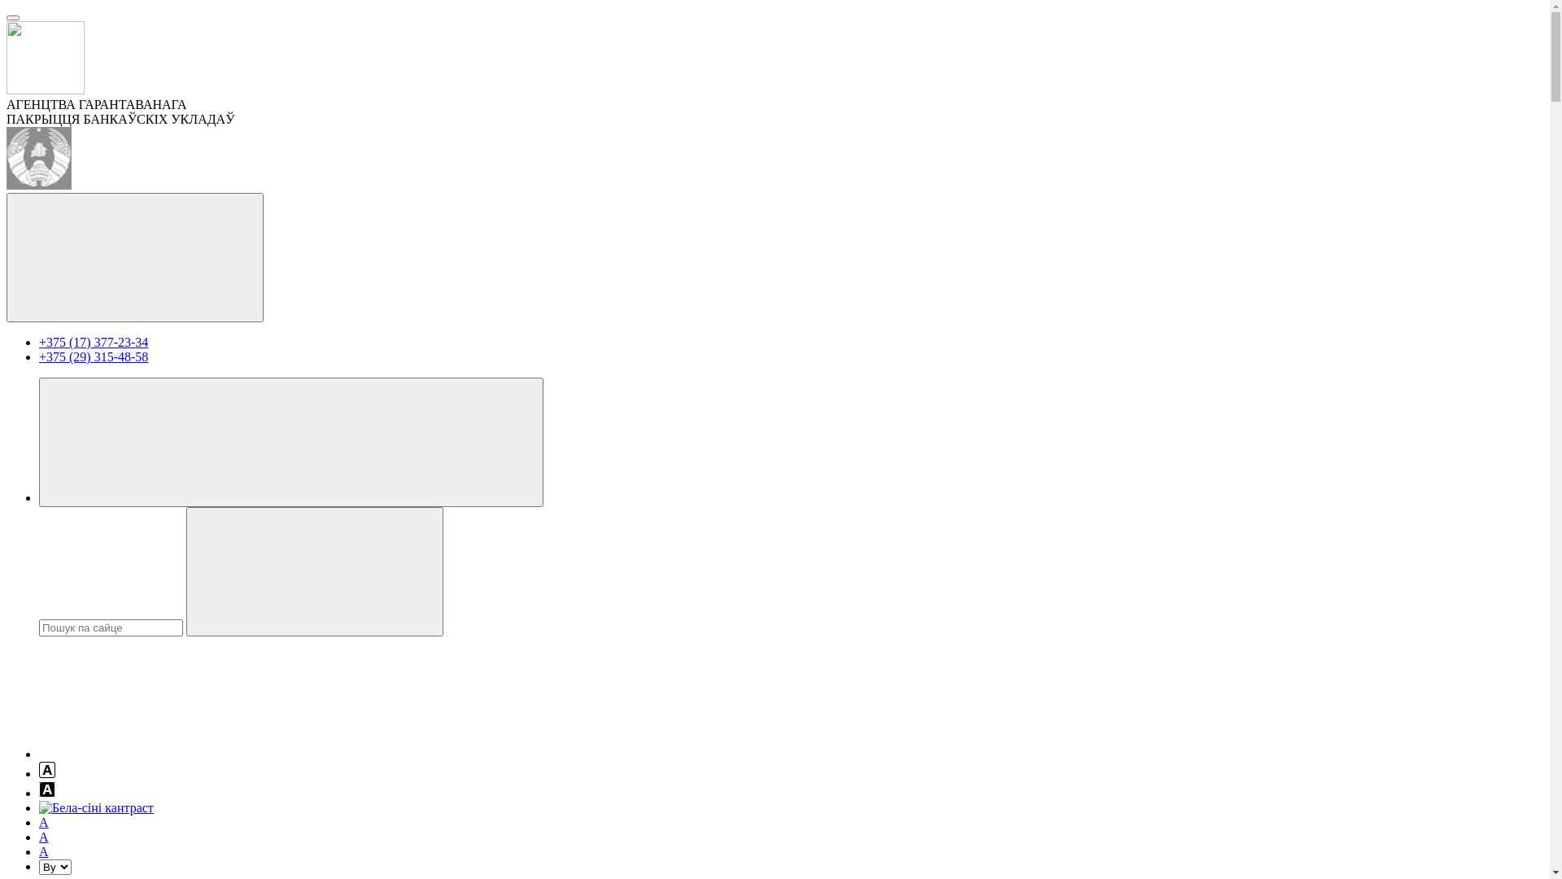 This screenshot has height=879, width=1562. I want to click on '+375 (29) 315-48-58', so click(93, 356).